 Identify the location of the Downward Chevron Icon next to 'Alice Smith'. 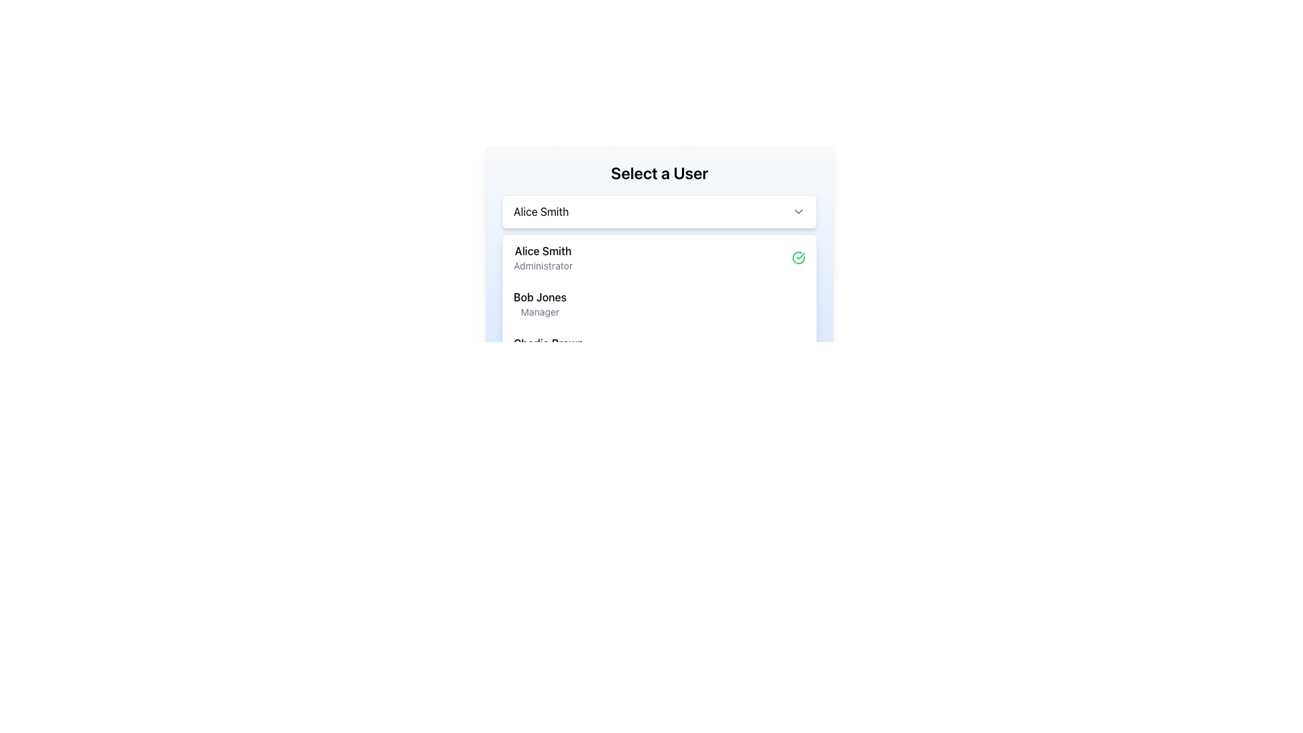
(798, 212).